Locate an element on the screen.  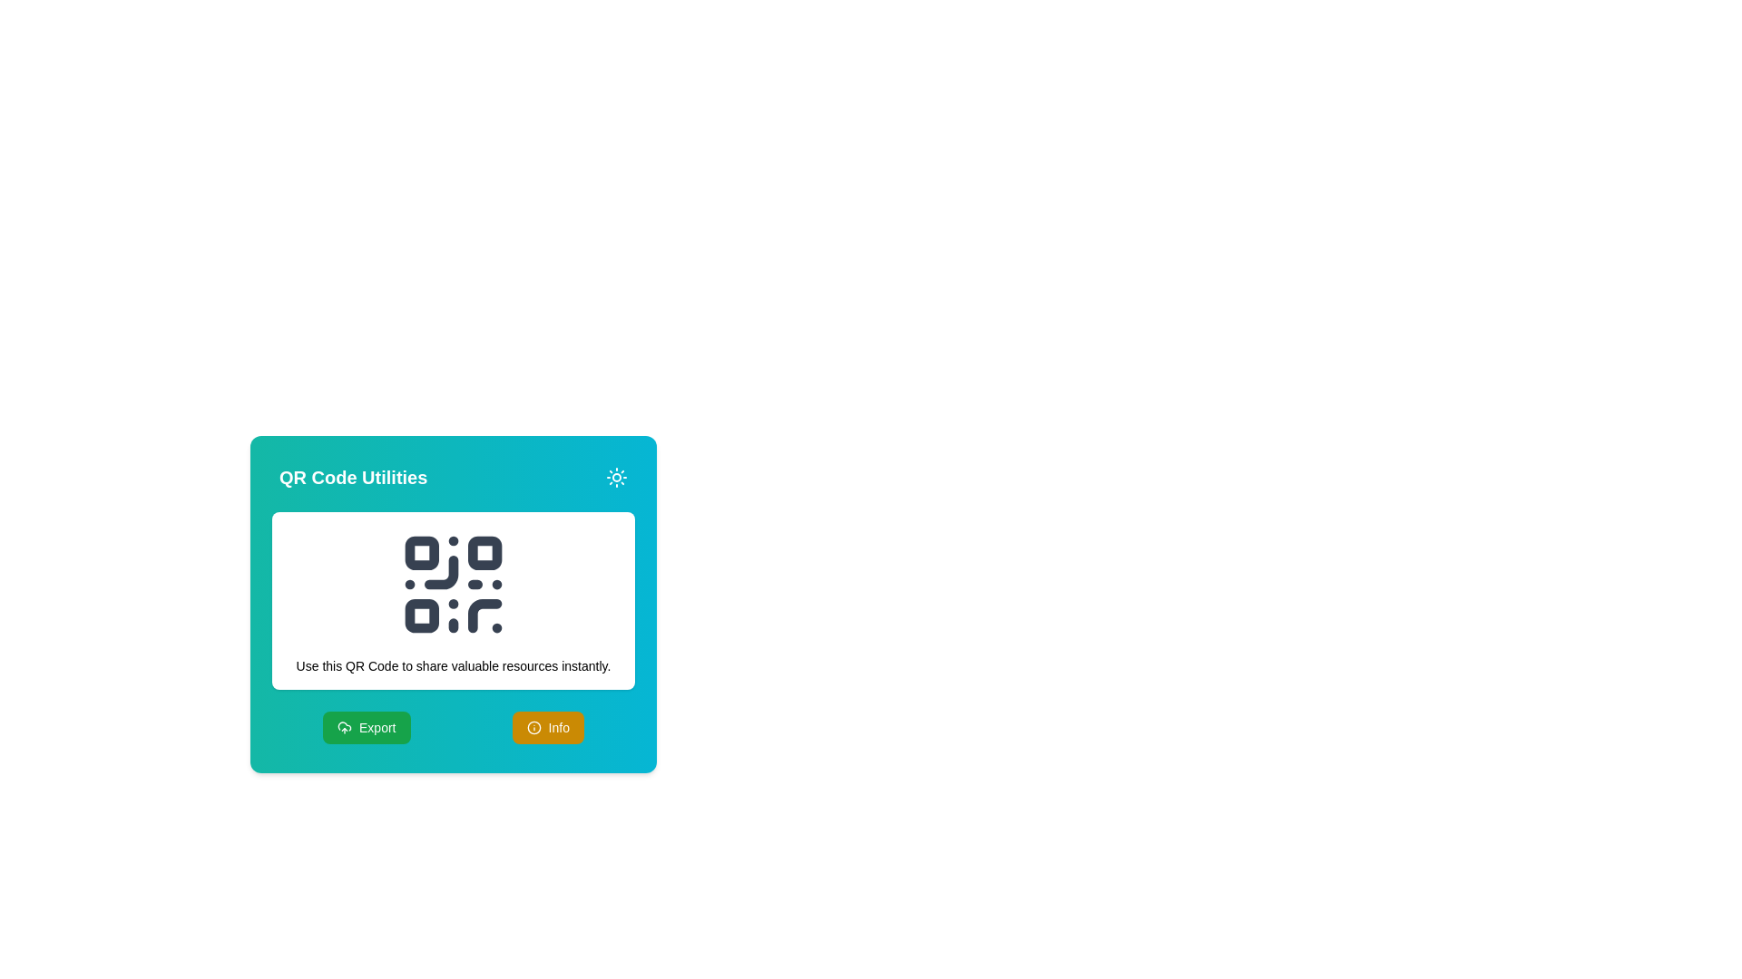
the QR code display area located within the teal-to-cyan gradient card titled 'QR Code Utilities' is located at coordinates (453, 601).